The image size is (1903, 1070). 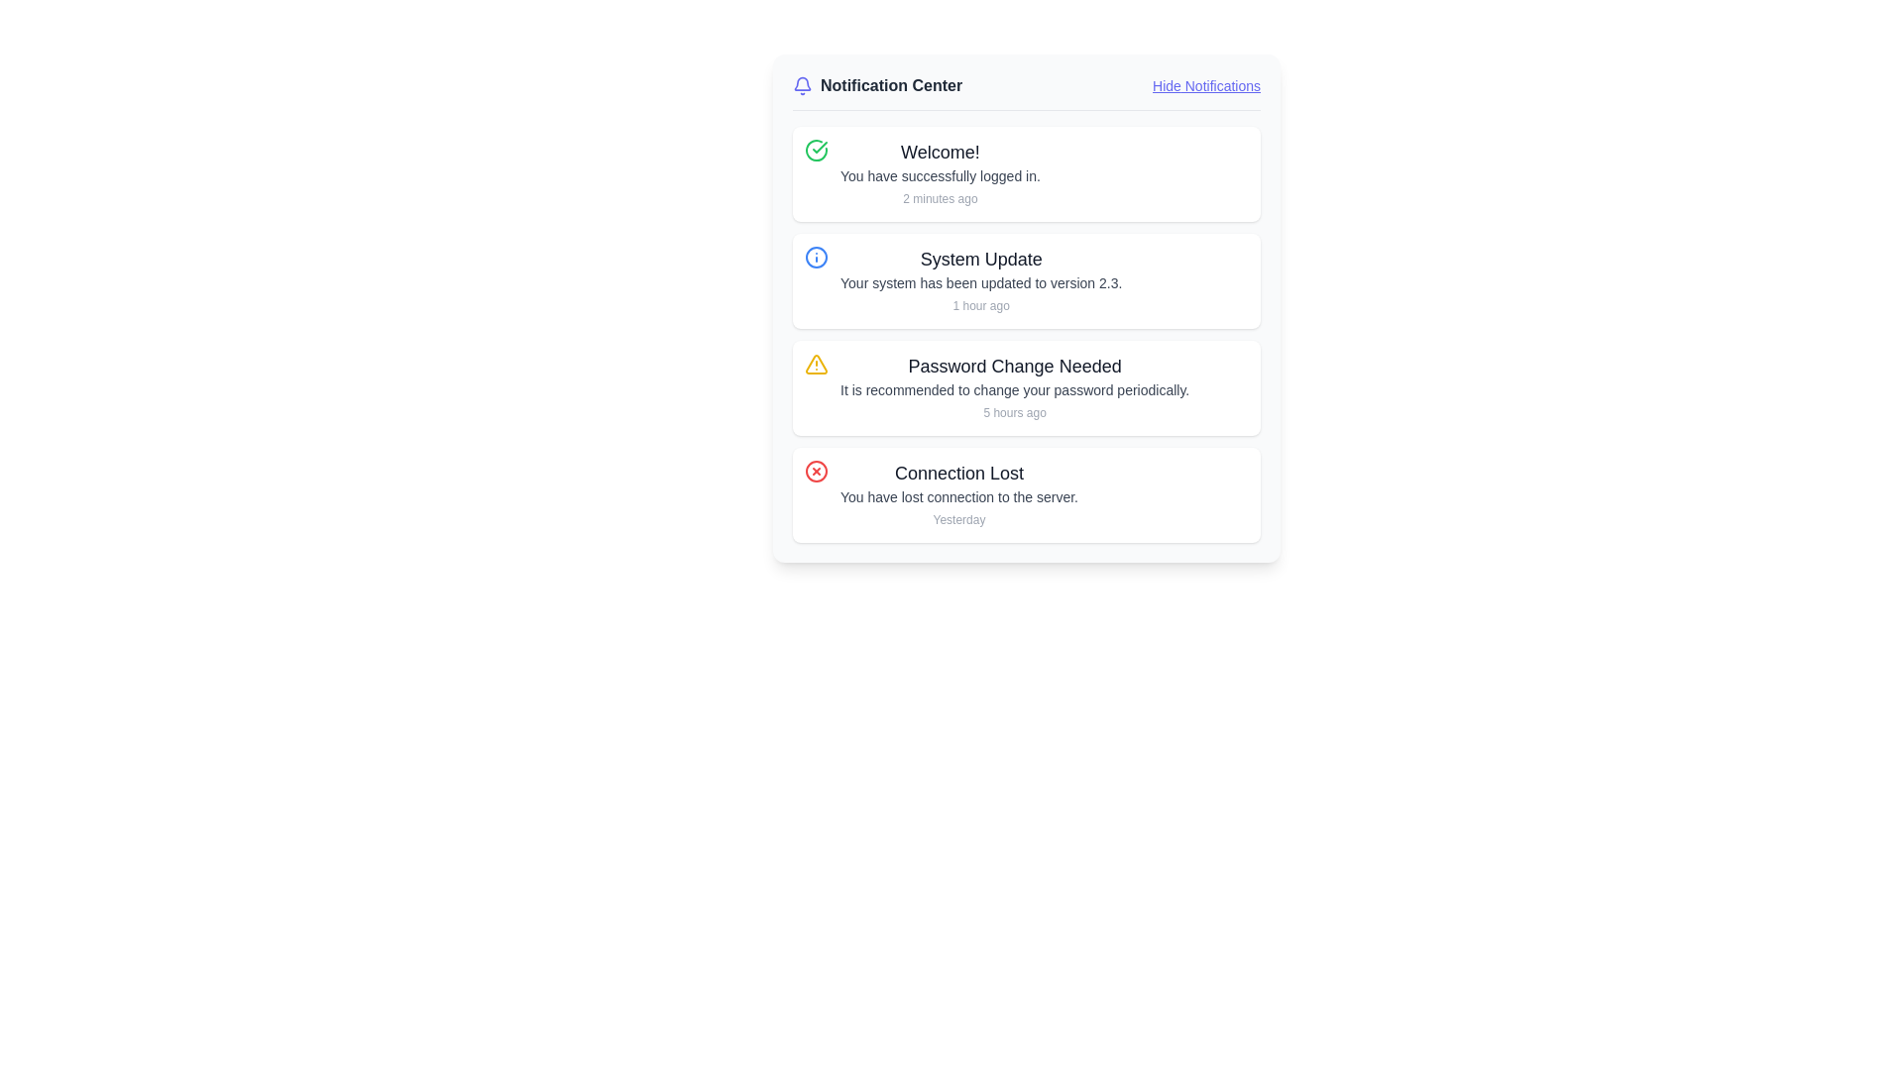 I want to click on displayed text '2 minutes ago' from the Text Label, which is styled in a small, gray font and located beneath the welcome message in the notification card, so click(x=939, y=198).